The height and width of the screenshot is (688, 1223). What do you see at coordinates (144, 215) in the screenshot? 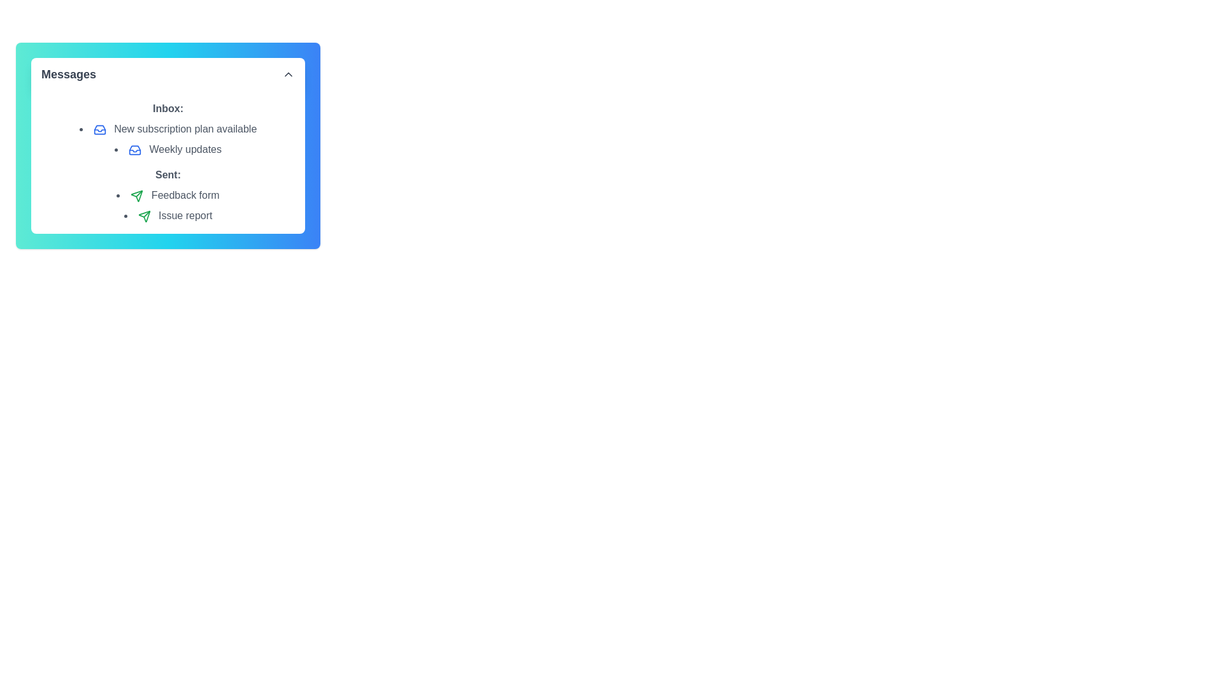
I see `the representation of the green paper plane icon located in the 'Sent' section of the 'Messages' interface, positioned before the text 'Feedback form'` at bounding box center [144, 215].